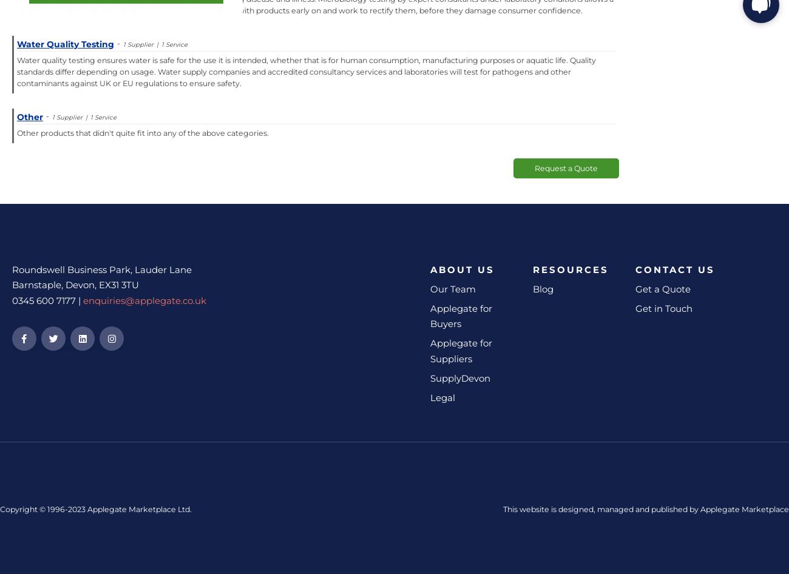  What do you see at coordinates (12, 300) in the screenshot?
I see `'0345 600 7177'` at bounding box center [12, 300].